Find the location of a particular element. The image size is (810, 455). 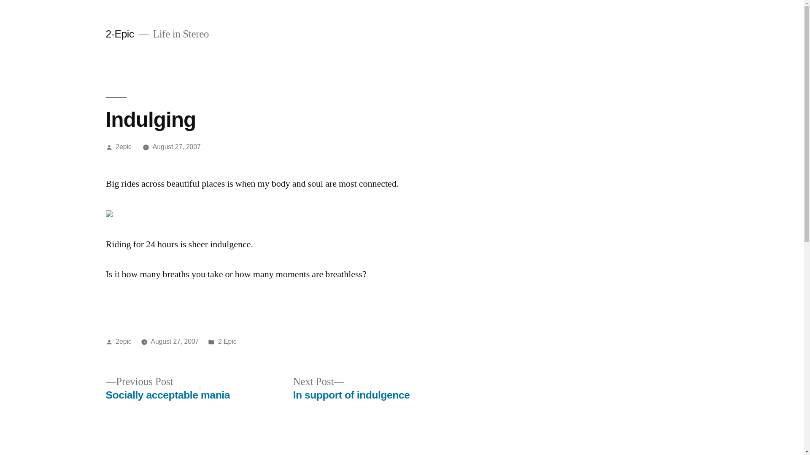

'2epic' is located at coordinates (123, 146).